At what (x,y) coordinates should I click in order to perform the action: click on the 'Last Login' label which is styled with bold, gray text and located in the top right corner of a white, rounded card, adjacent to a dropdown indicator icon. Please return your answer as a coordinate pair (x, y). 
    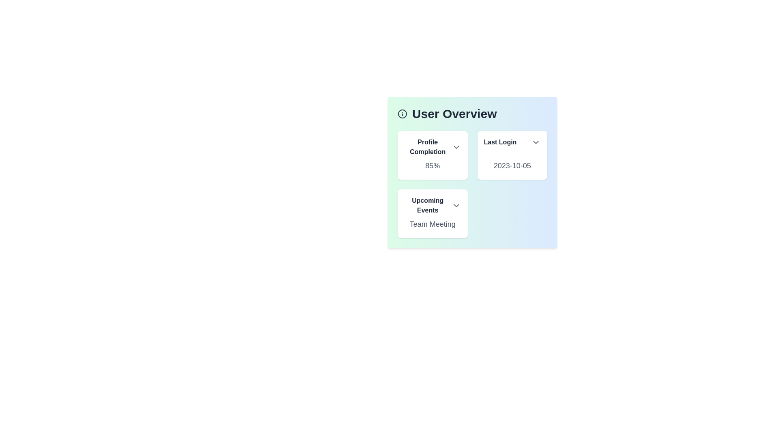
    Looking at the image, I should click on (512, 142).